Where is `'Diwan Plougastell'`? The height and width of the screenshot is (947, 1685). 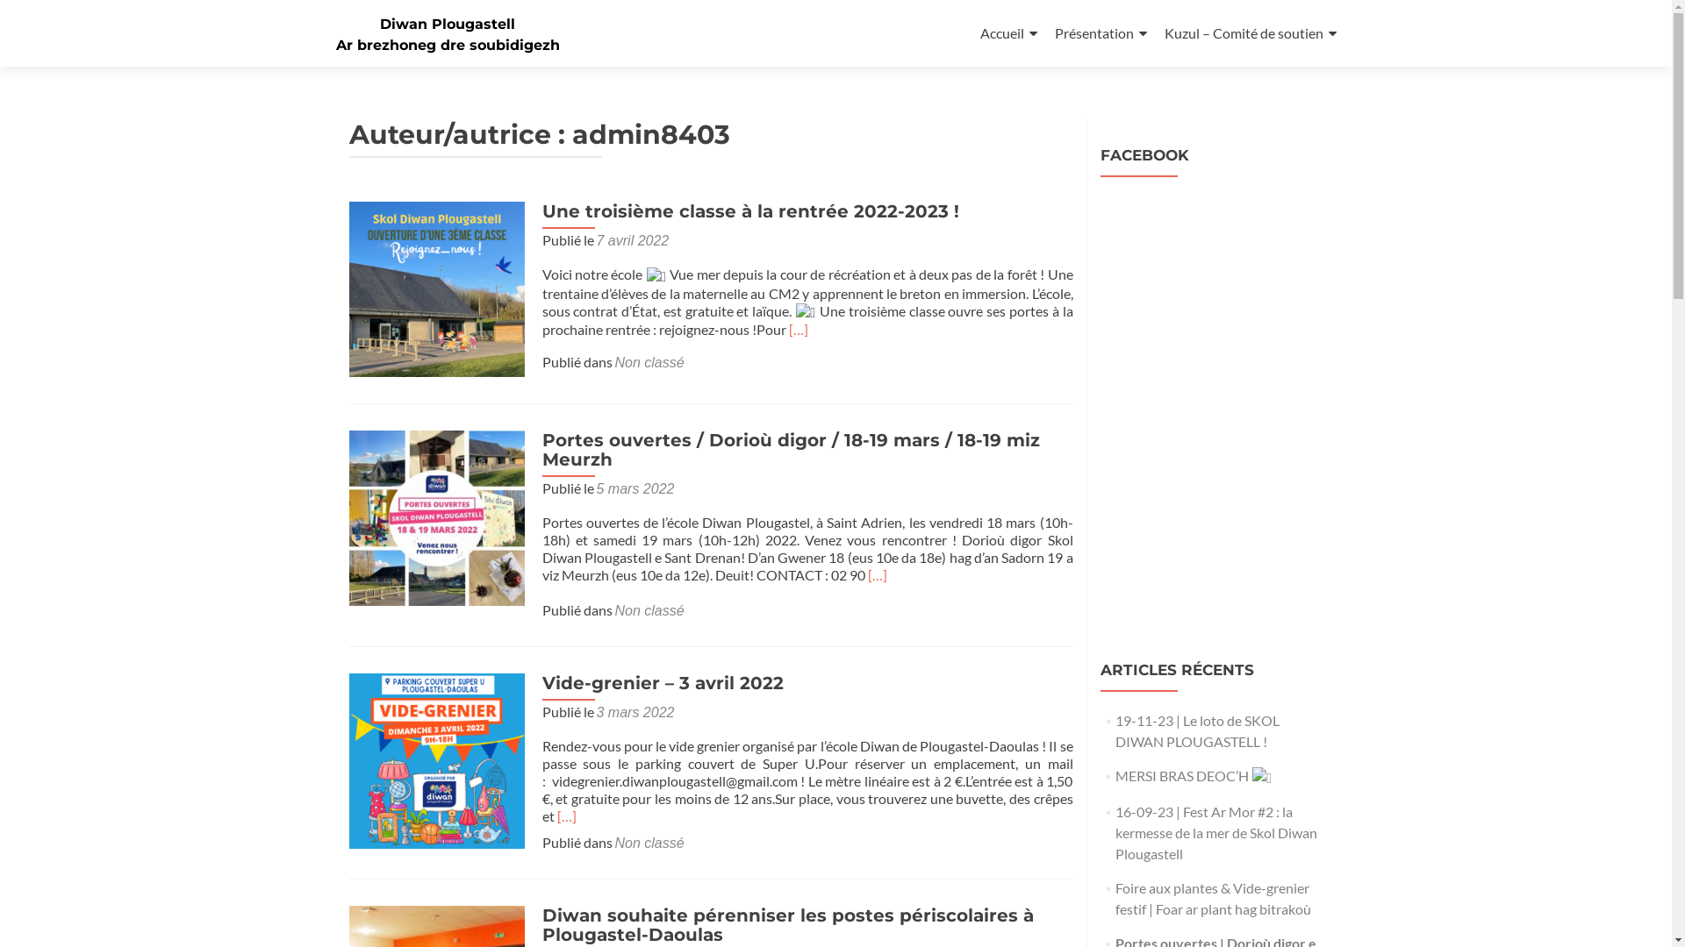 'Diwan Plougastell' is located at coordinates (447, 24).